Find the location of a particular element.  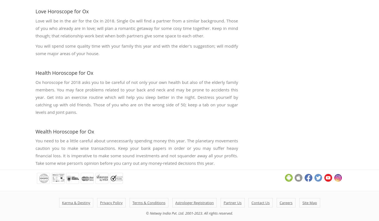

'Karma & Destiny' is located at coordinates (76, 203).